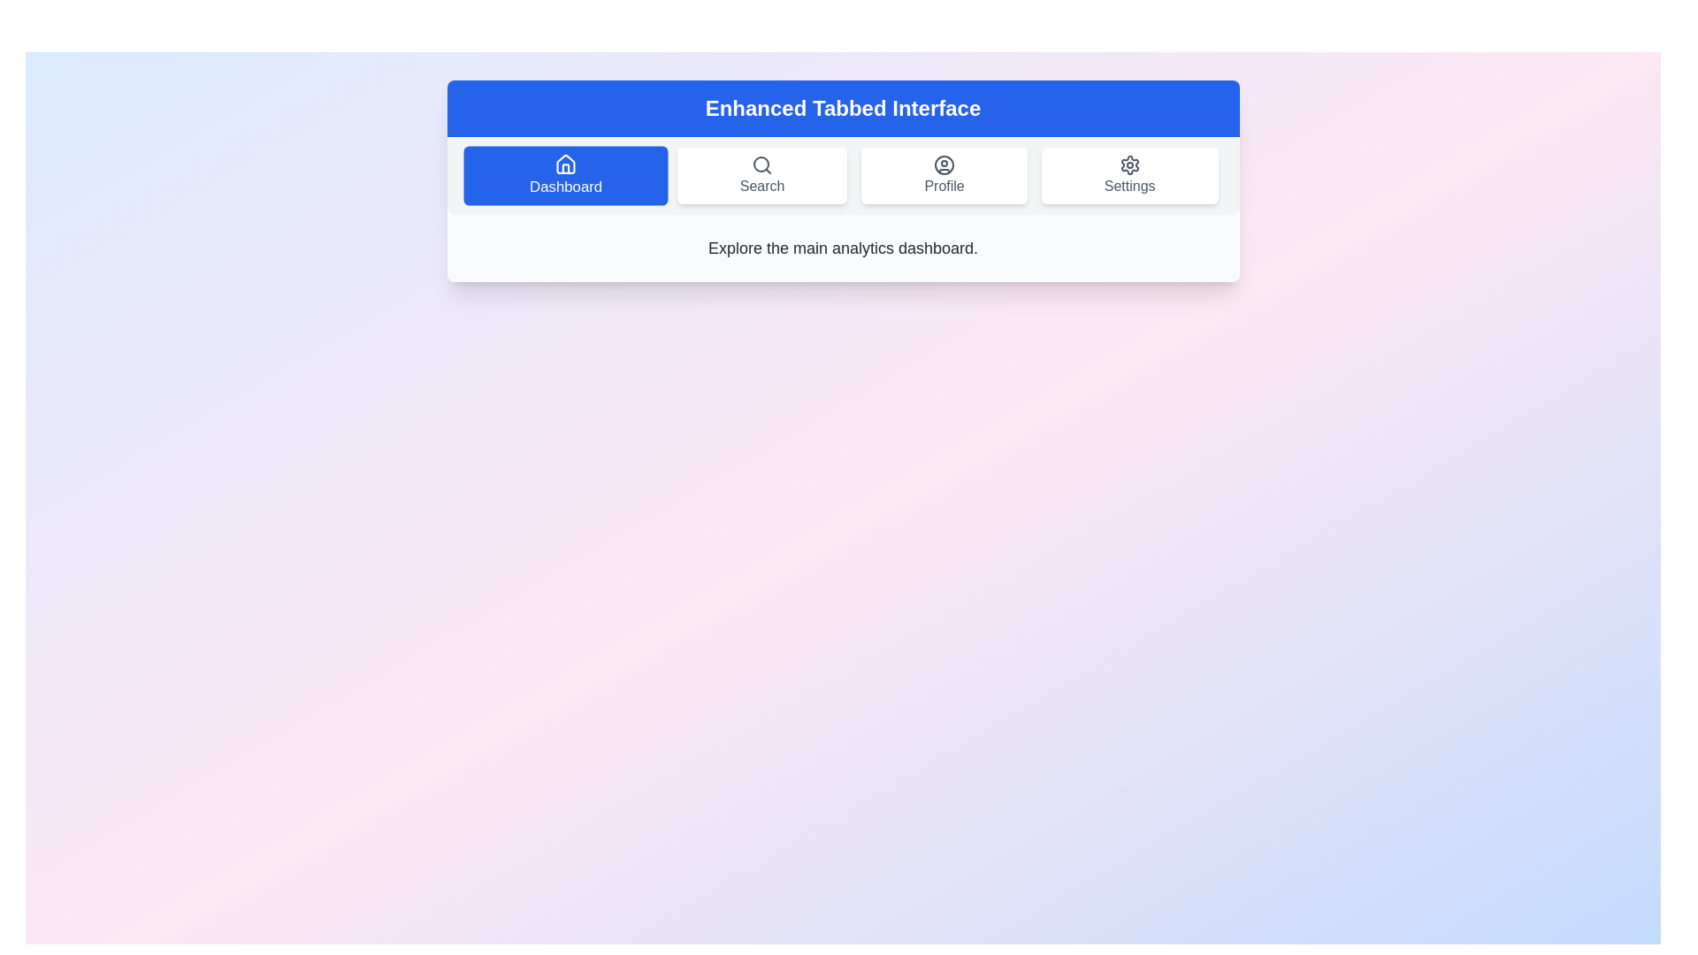  What do you see at coordinates (842, 109) in the screenshot?
I see `the Text Header with the text 'Enhanced Tabbed Interface' that has a blue background and white bold text, positioned at the top of the section` at bounding box center [842, 109].